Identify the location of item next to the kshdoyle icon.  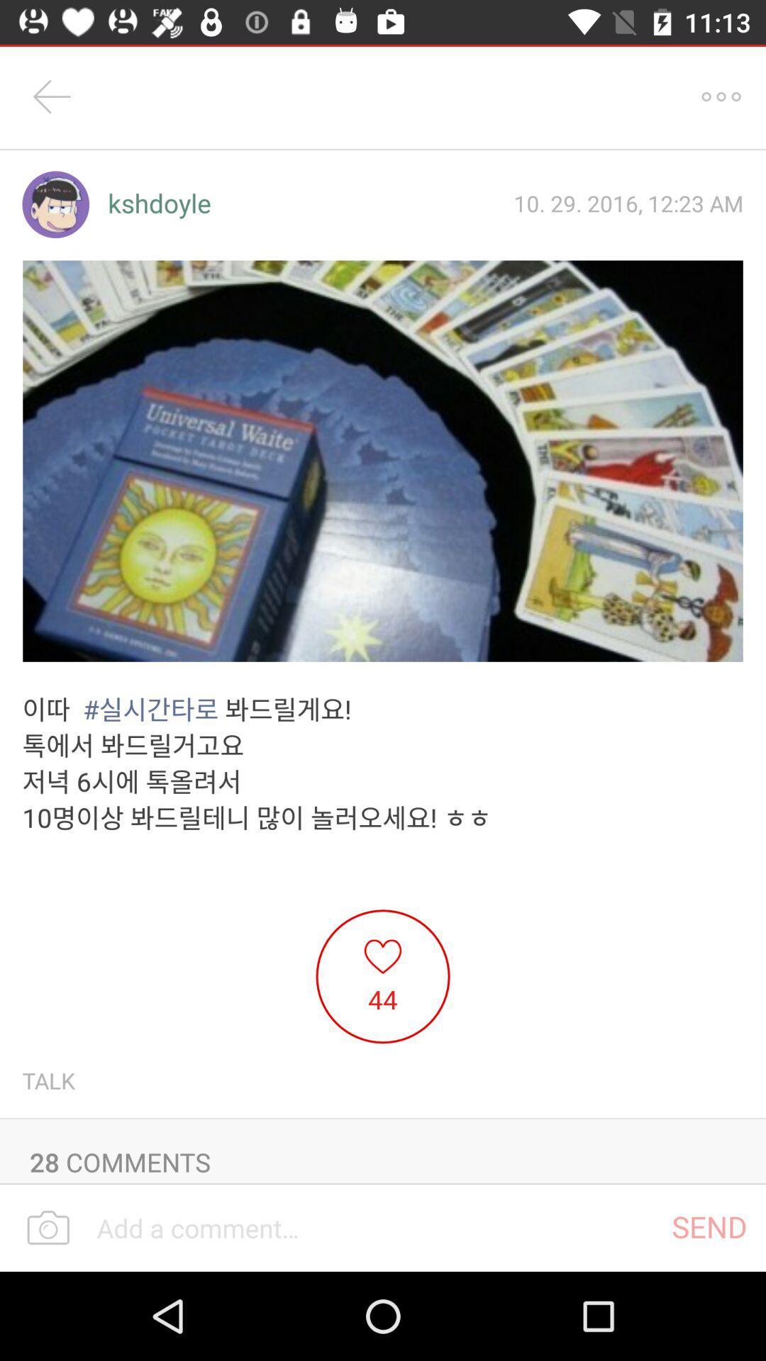
(55, 203).